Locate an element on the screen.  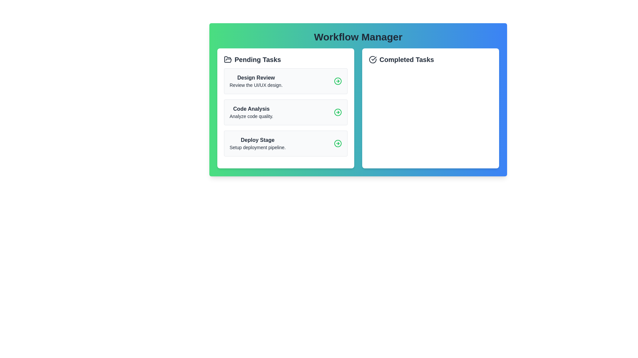
the text-based header element that indicates the name or overarching purpose of the workflow management page, located near the top of the interface is located at coordinates (358, 37).